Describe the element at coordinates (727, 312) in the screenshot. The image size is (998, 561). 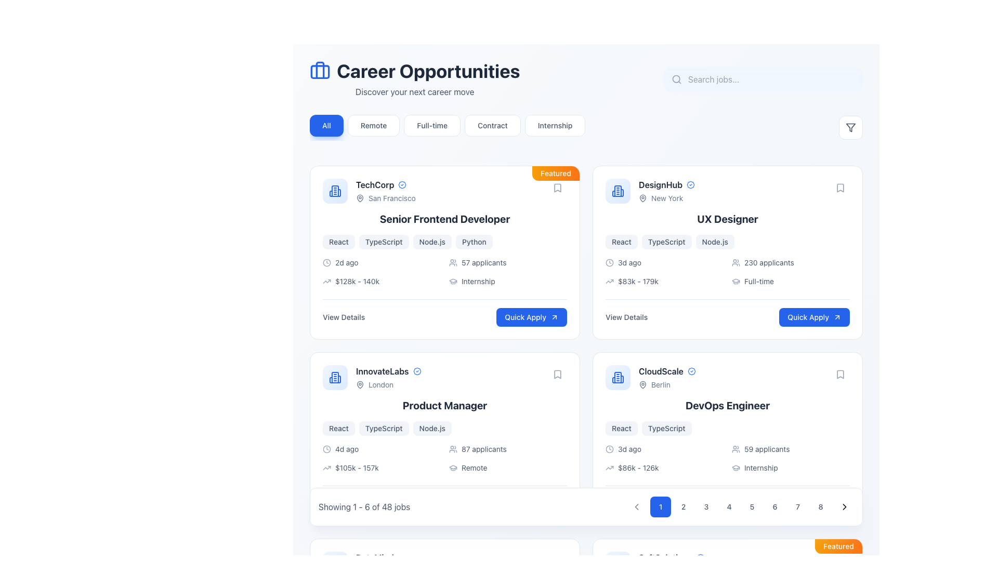
I see `the 'View Details' button located at the bottom-right corner of the 'DesignHub - UX Designer' job listing card to visit the details page` at that location.